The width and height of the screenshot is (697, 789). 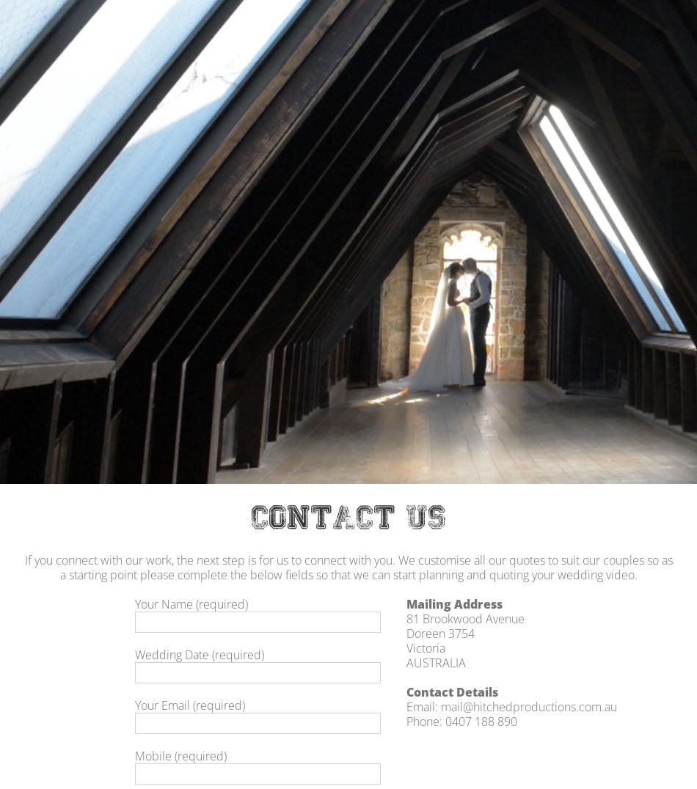 What do you see at coordinates (190, 603) in the screenshot?
I see `'Your Name (required)'` at bounding box center [190, 603].